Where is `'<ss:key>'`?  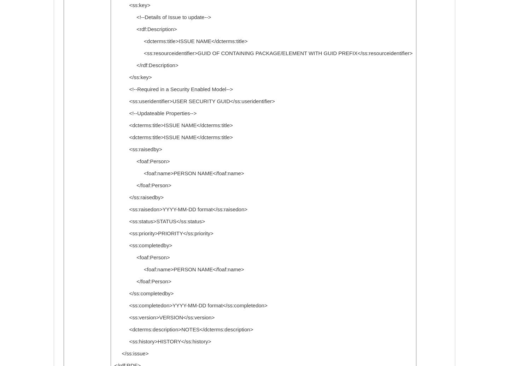 '<ss:key>' is located at coordinates (131, 5).